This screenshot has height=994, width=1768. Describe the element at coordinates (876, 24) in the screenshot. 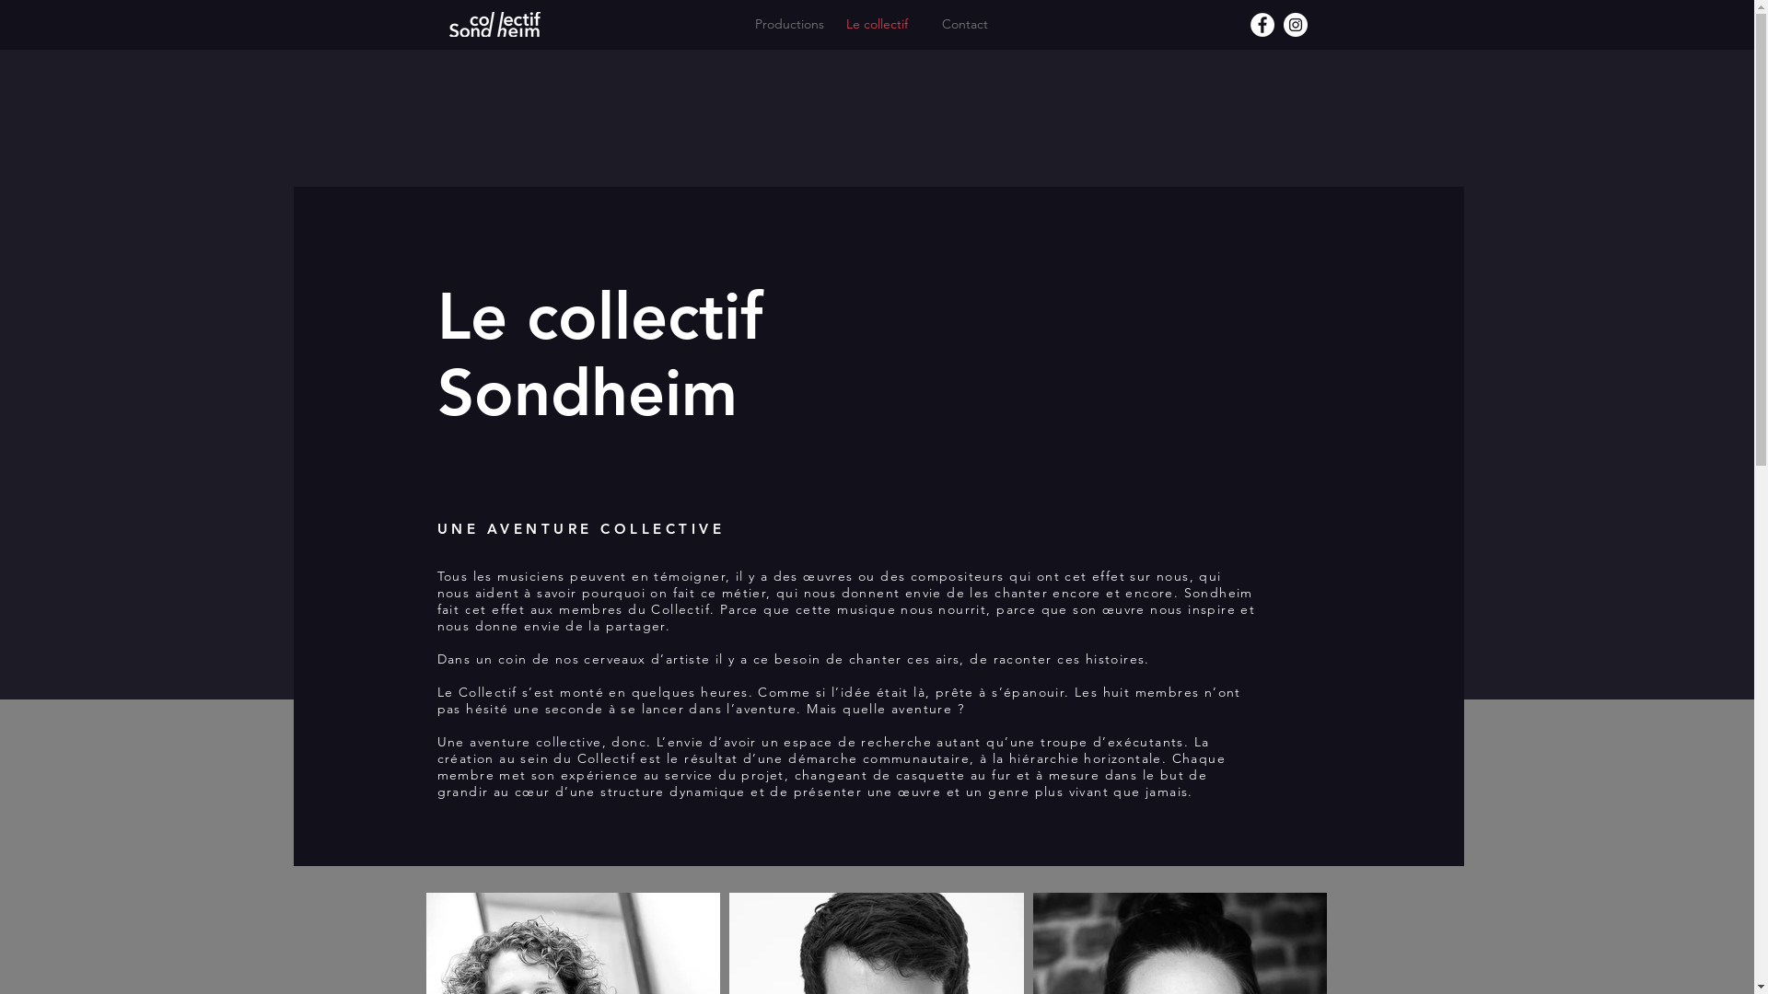

I see `'Le collectif'` at that location.